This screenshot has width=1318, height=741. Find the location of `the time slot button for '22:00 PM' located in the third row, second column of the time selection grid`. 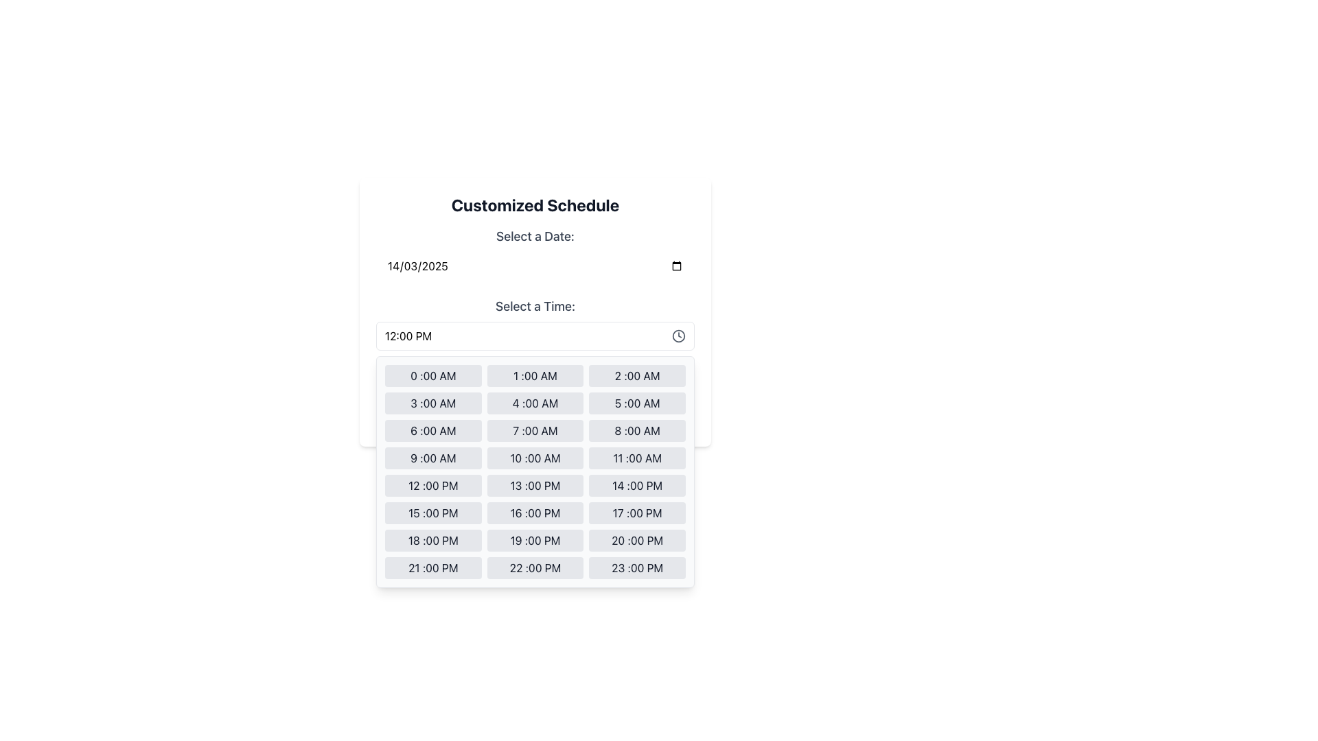

the time slot button for '22:00 PM' located in the third row, second column of the time selection grid is located at coordinates (534, 568).